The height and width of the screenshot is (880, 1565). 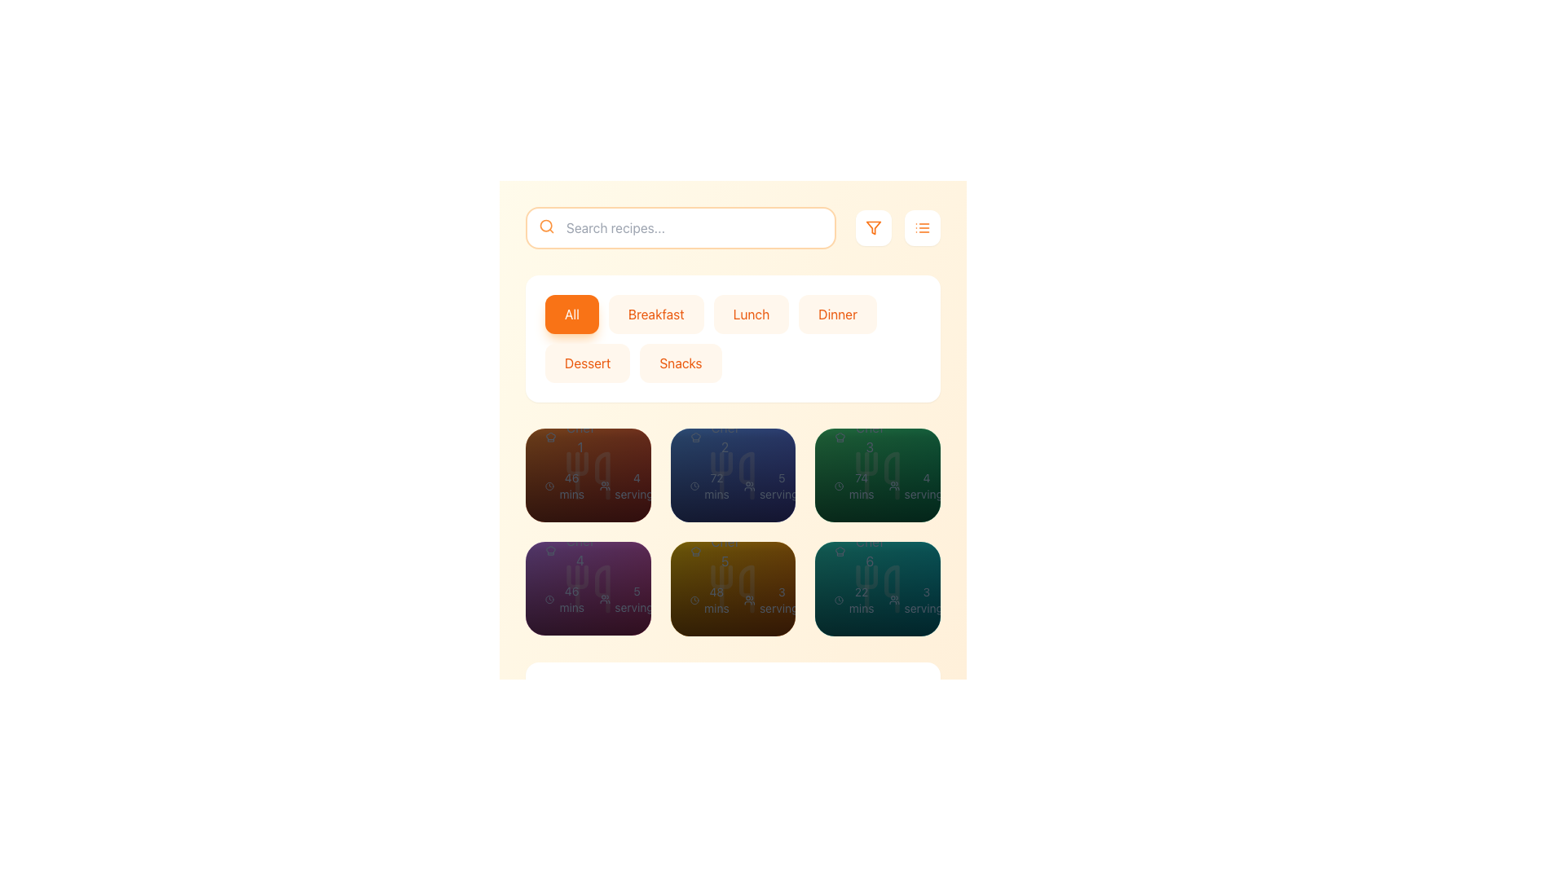 What do you see at coordinates (860, 550) in the screenshot?
I see `the content of the text label 'Chef 6' located in the sixth recipe card, positioned in the bottom row, third column` at bounding box center [860, 550].